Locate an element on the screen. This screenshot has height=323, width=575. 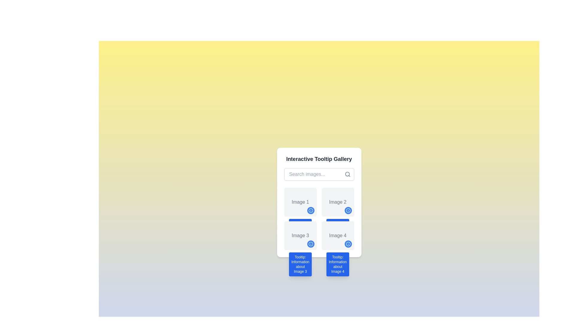
tooltip content displayed below the 'Image 3' section, which provides additional information about the associated image is located at coordinates (300, 264).